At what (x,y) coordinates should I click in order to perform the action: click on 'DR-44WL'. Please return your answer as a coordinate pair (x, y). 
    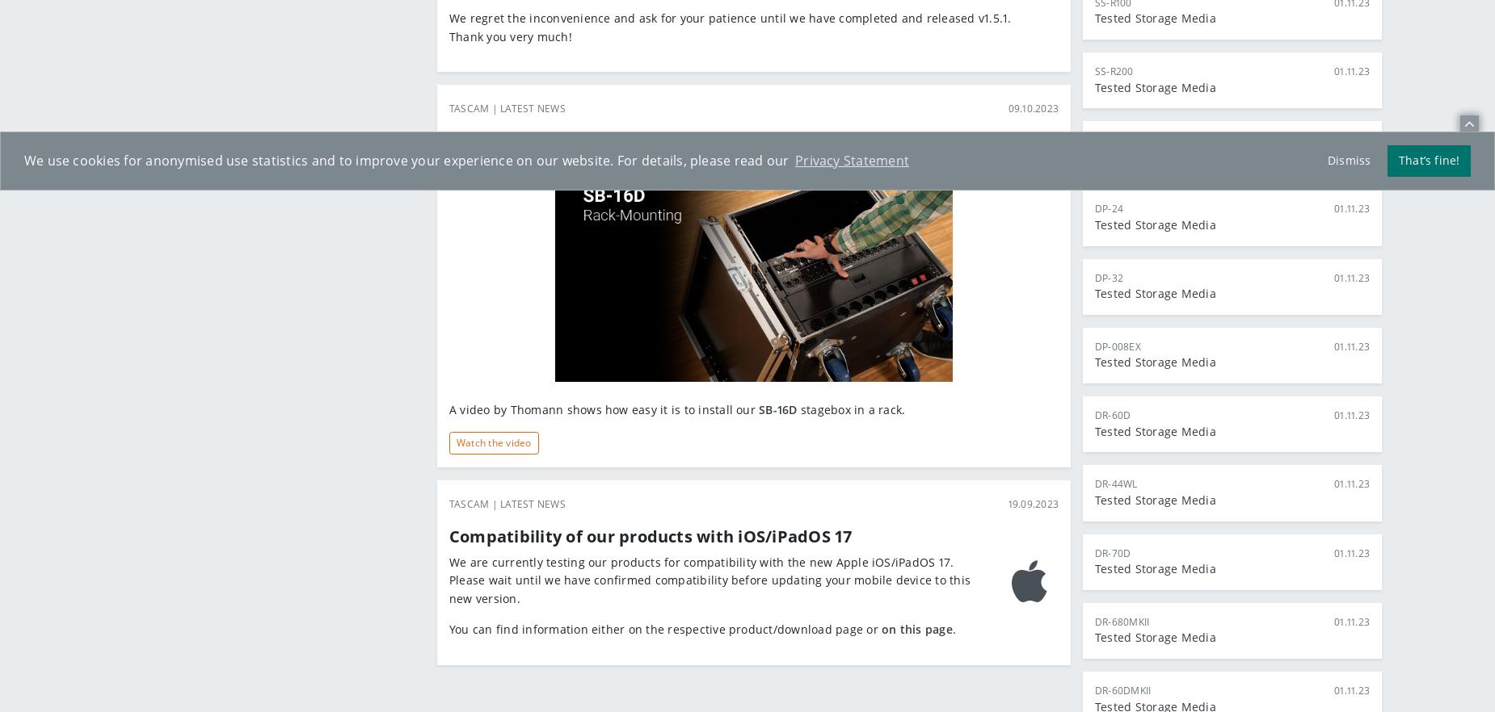
    Looking at the image, I should click on (1093, 483).